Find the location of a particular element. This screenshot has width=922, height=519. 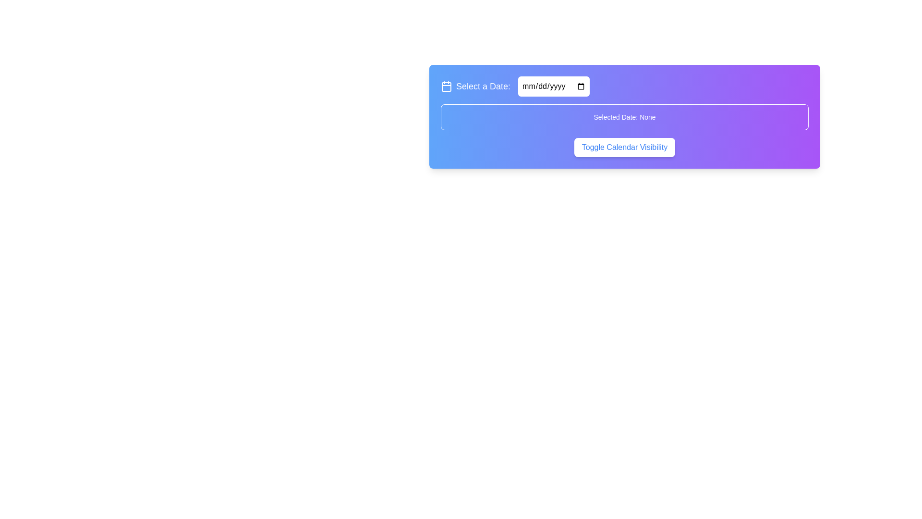

the Date input field marked with placeholder text 'mm/dd/yyyy' is located at coordinates (554, 86).